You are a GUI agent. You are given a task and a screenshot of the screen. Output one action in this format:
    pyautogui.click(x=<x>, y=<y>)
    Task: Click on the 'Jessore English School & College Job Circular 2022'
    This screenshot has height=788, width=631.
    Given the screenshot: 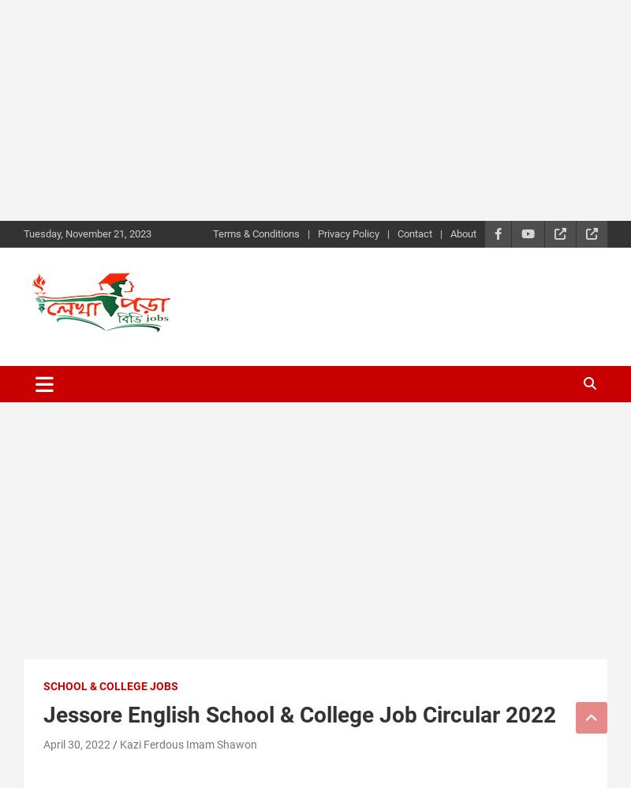 What is the action you would take?
    pyautogui.click(x=299, y=714)
    